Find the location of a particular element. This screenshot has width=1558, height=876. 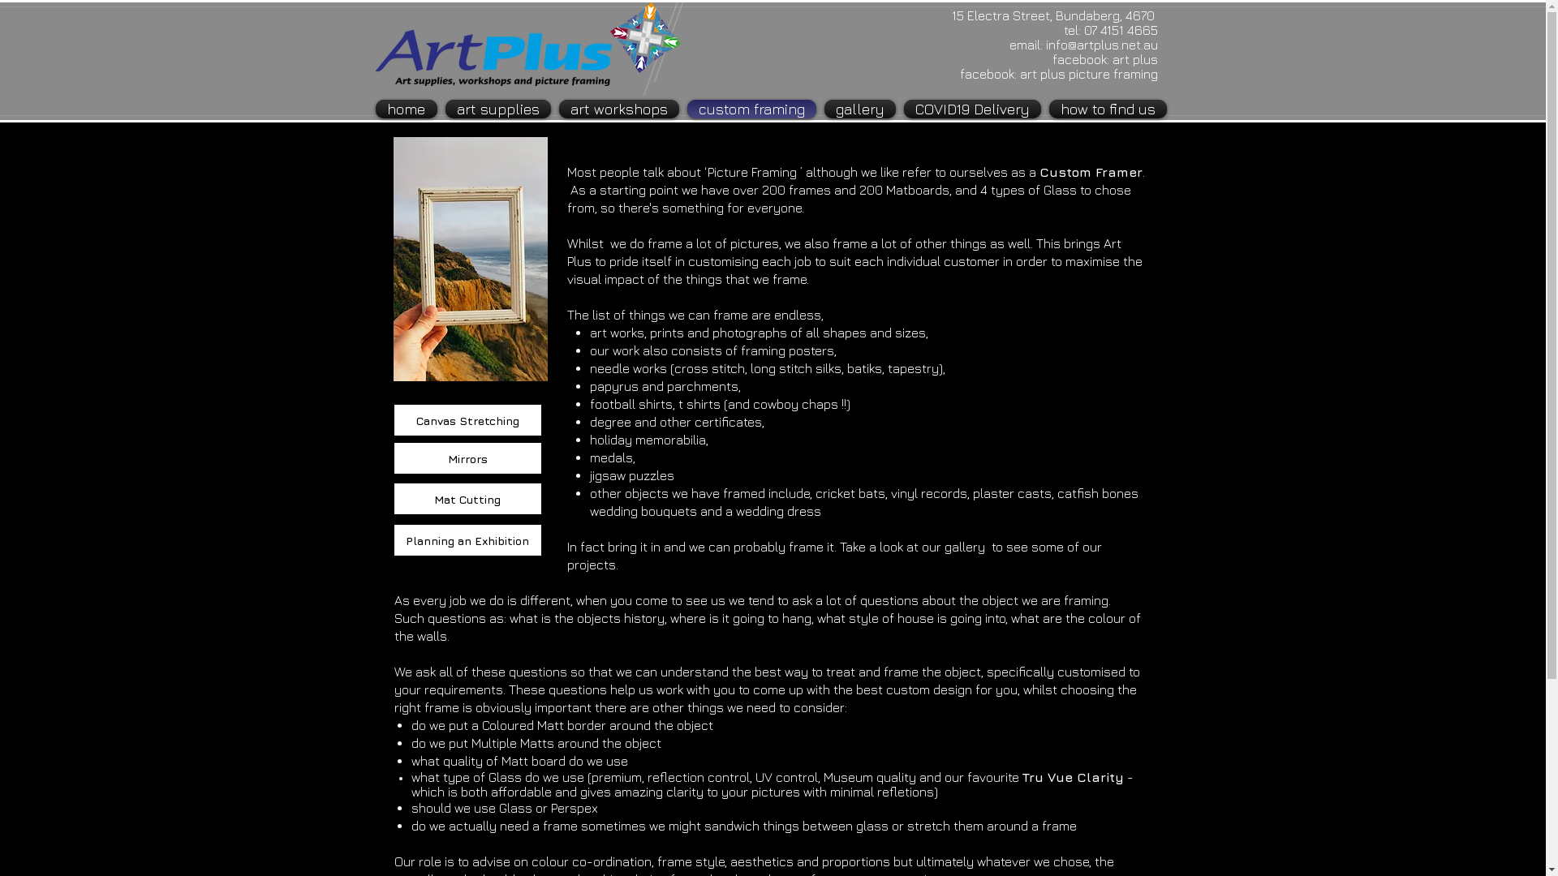

'Mirrors' is located at coordinates (466, 457).